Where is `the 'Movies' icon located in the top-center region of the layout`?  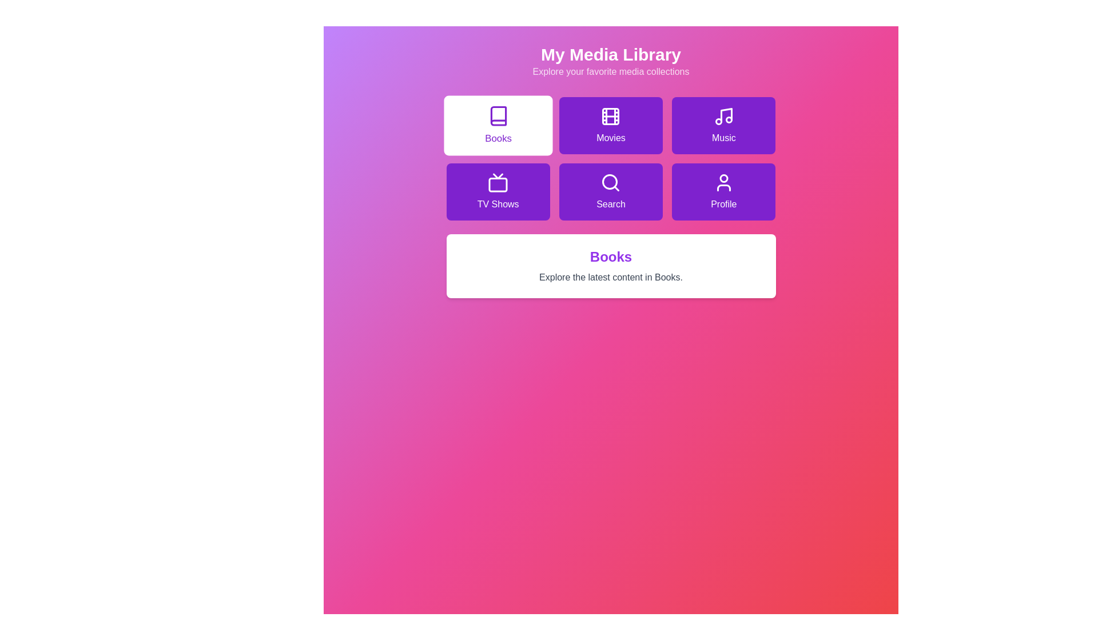
the 'Movies' icon located in the top-center region of the layout is located at coordinates (610, 117).